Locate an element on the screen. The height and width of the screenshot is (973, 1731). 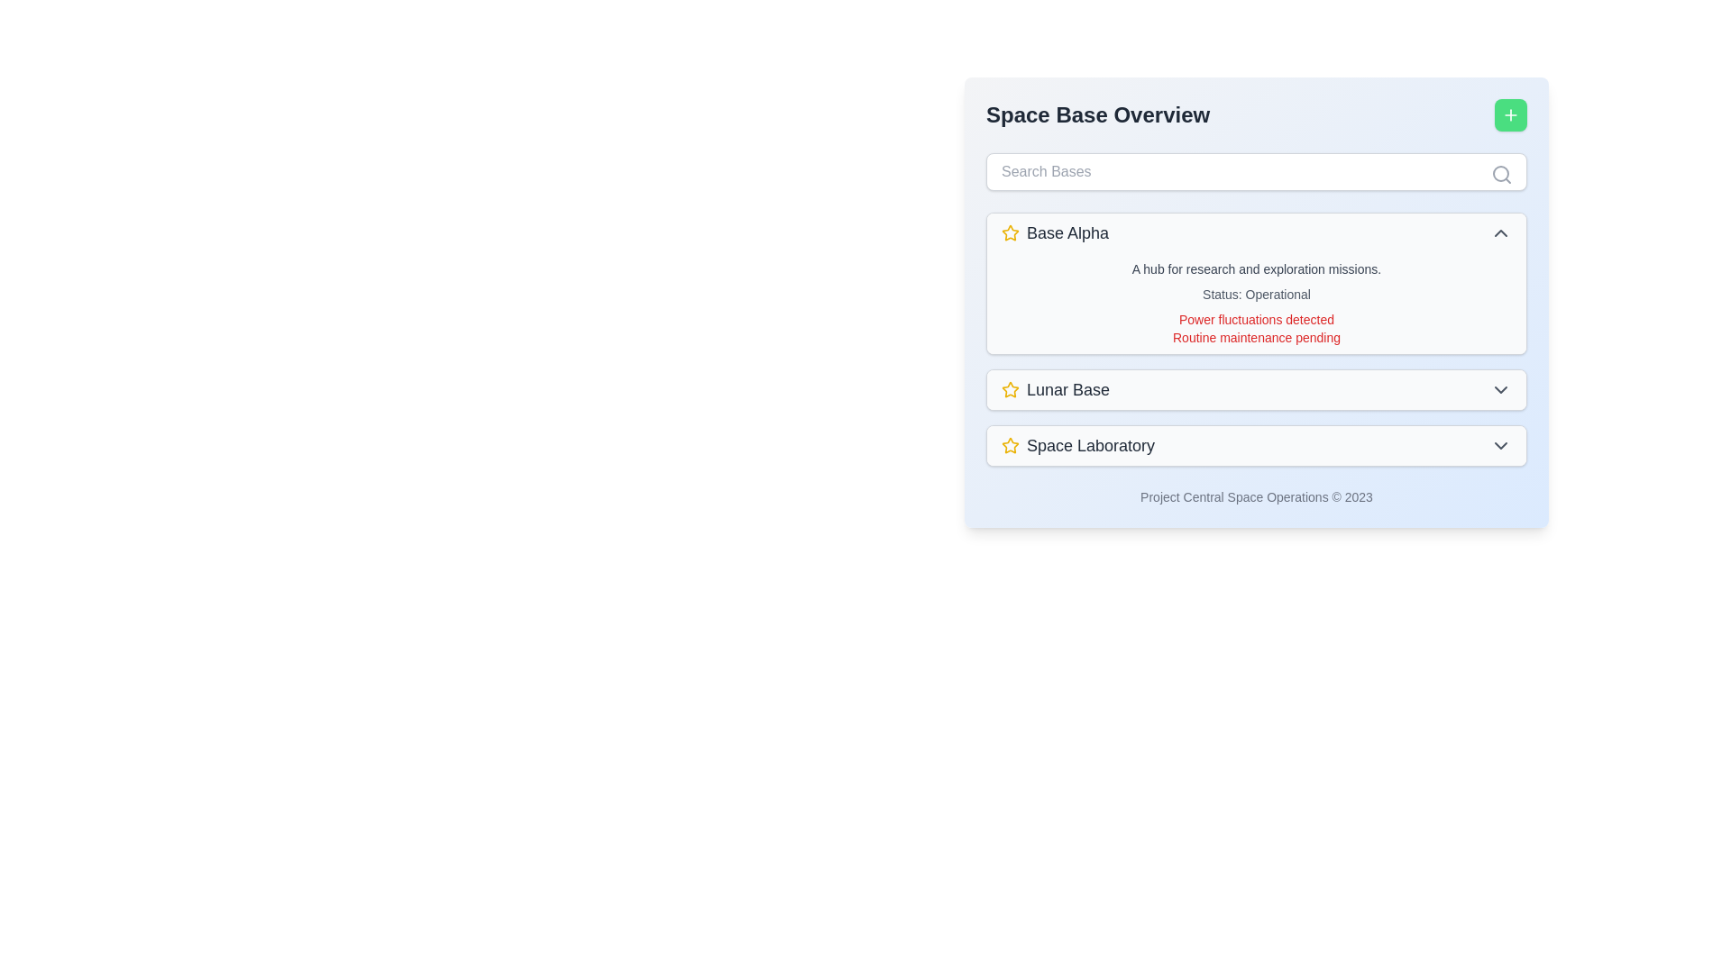
the bold text label reading 'Base Alpha', which is medium gray and located adjacent to a yellow star icon in the card for 'Base Alpha' is located at coordinates (1067, 232).